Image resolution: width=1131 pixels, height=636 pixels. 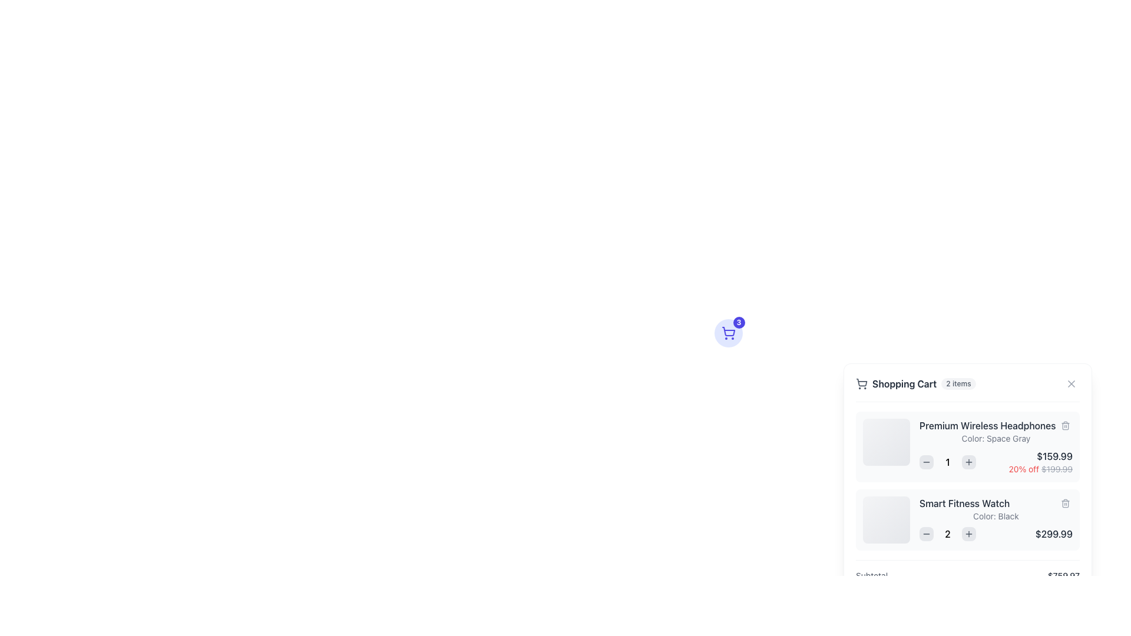 What do you see at coordinates (926, 462) in the screenshot?
I see `the Decrement Button (Minus Icon Button) located inside a light gray rounded rectangle button` at bounding box center [926, 462].